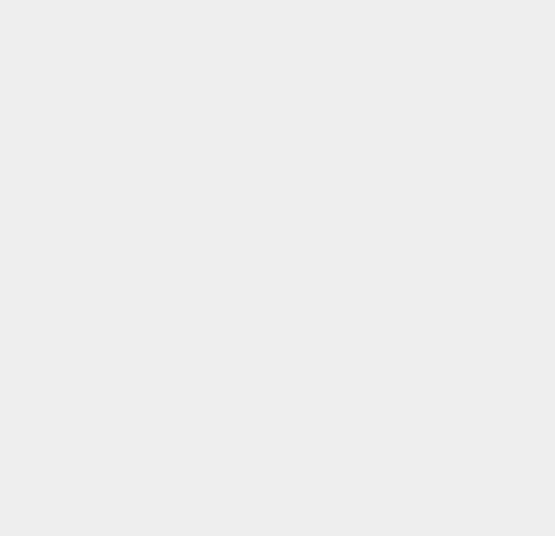 Image resolution: width=555 pixels, height=536 pixels. Describe the element at coordinates (416, 350) in the screenshot. I see `'Remote Access'` at that location.